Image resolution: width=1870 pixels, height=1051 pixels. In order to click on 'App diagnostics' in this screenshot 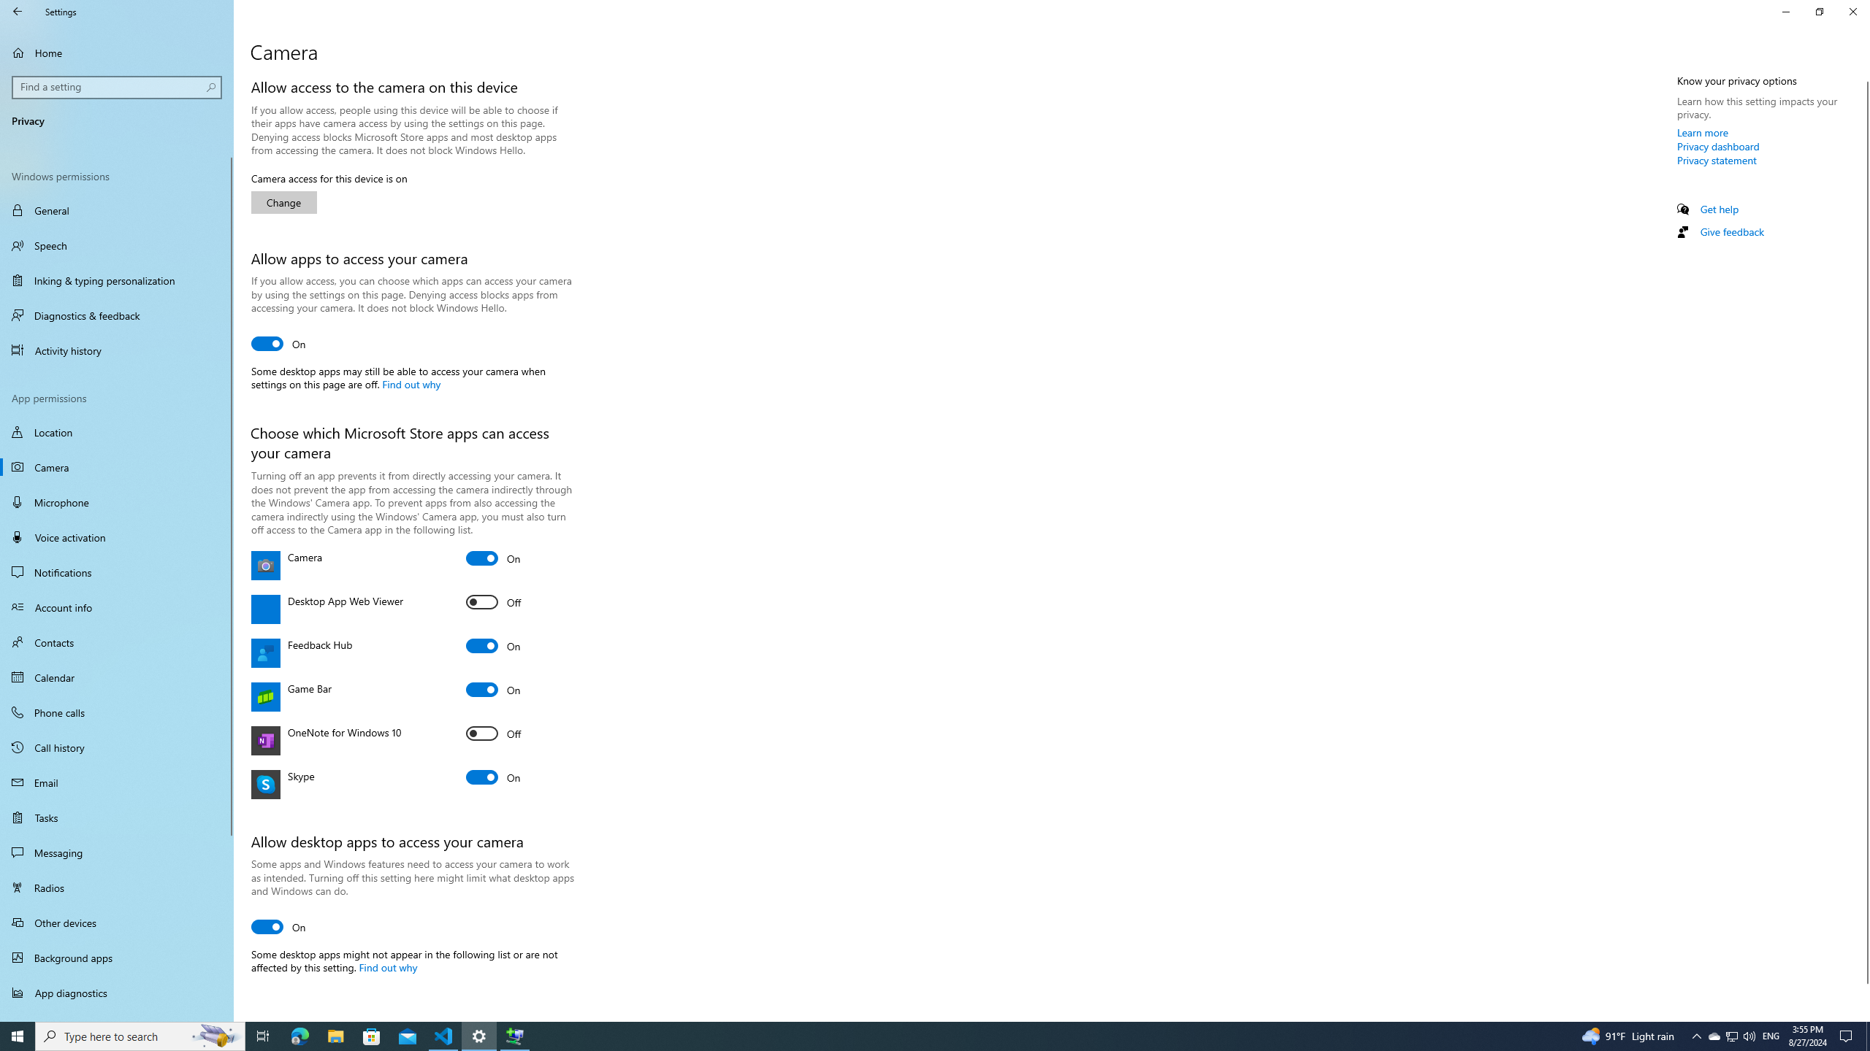, I will do `click(116, 992)`.